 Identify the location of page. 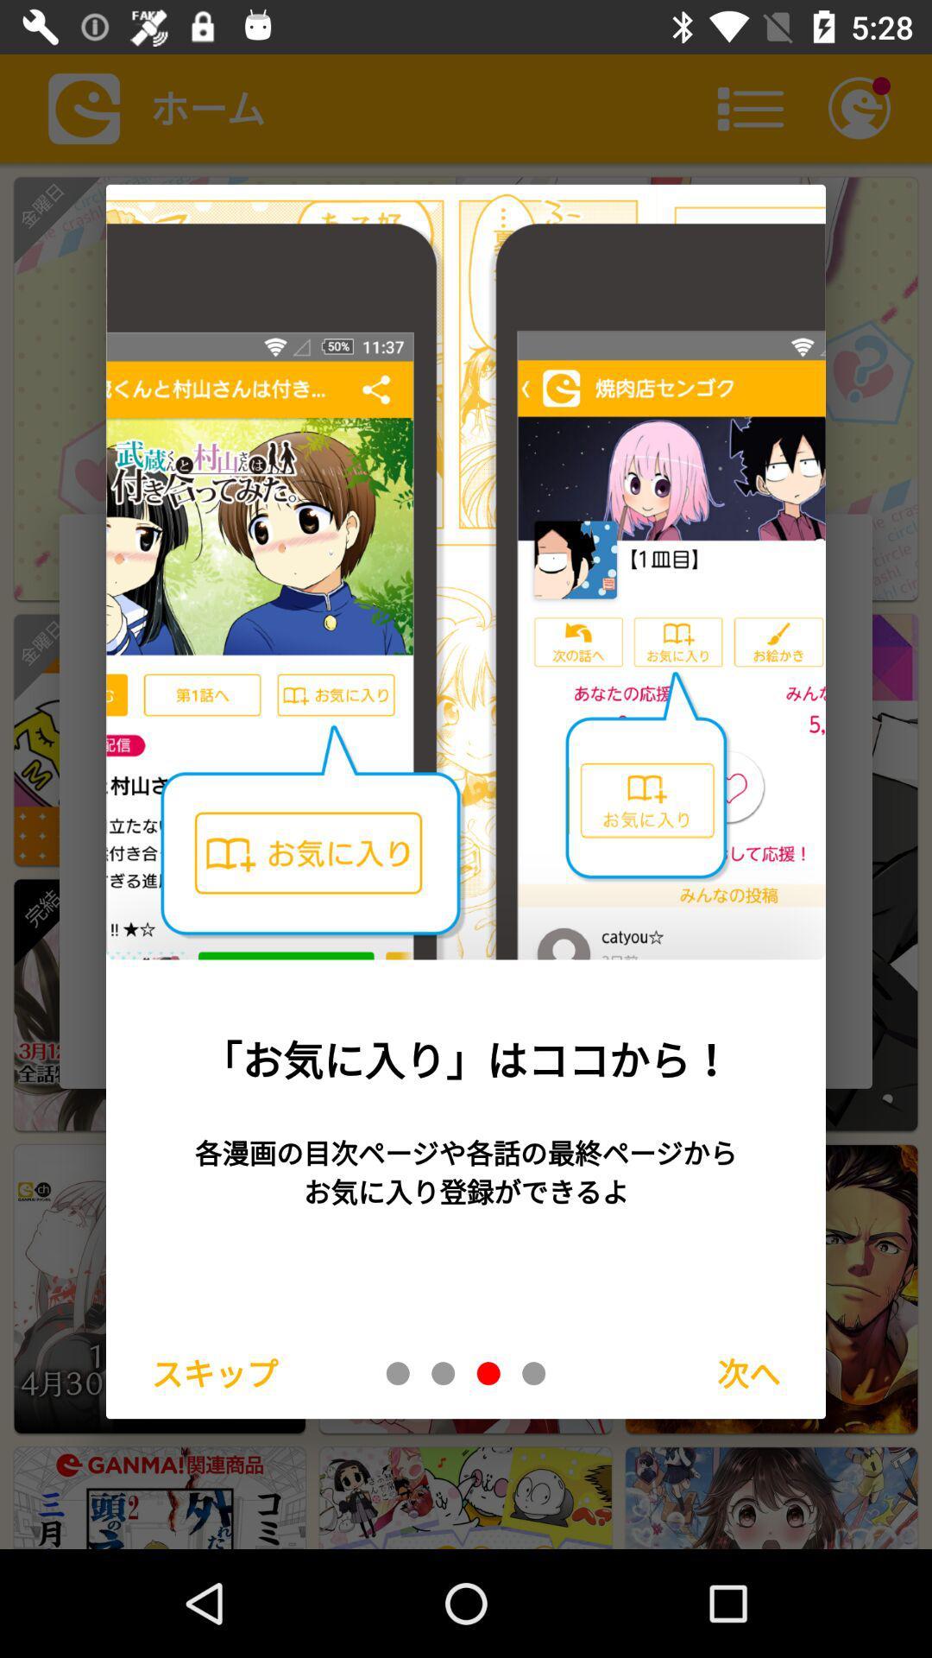
(398, 1372).